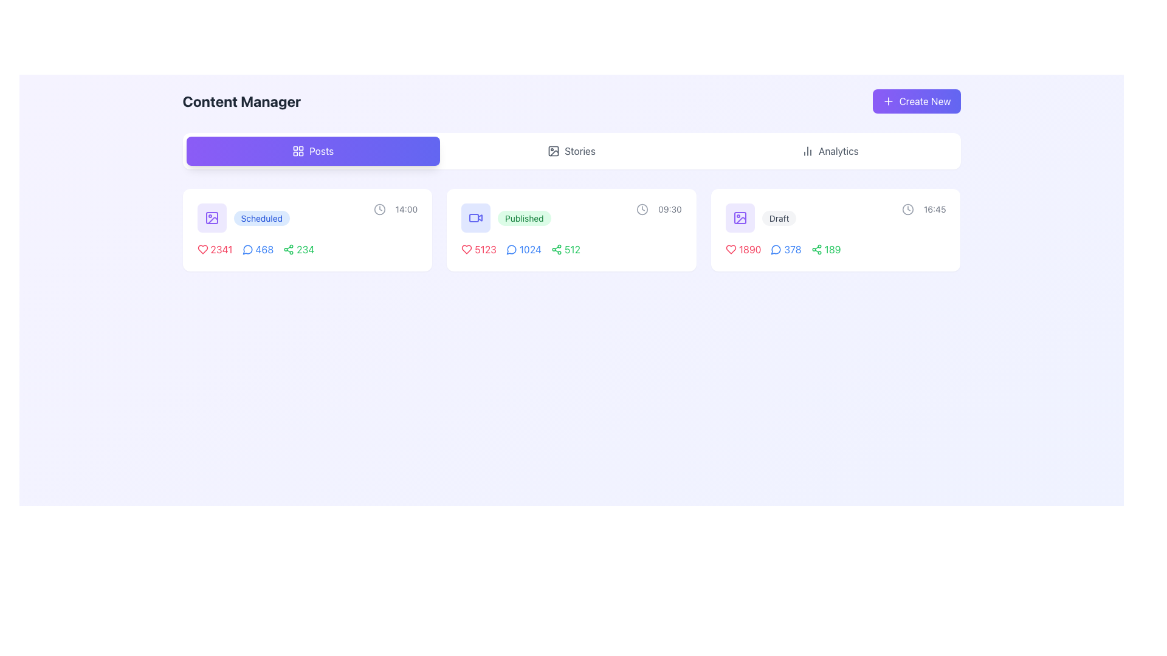  What do you see at coordinates (247, 249) in the screenshot?
I see `the comment icon located in the statistics area of the first content card, which is situated to the right of the heart icon and to the left of the numeric count '468'` at bounding box center [247, 249].